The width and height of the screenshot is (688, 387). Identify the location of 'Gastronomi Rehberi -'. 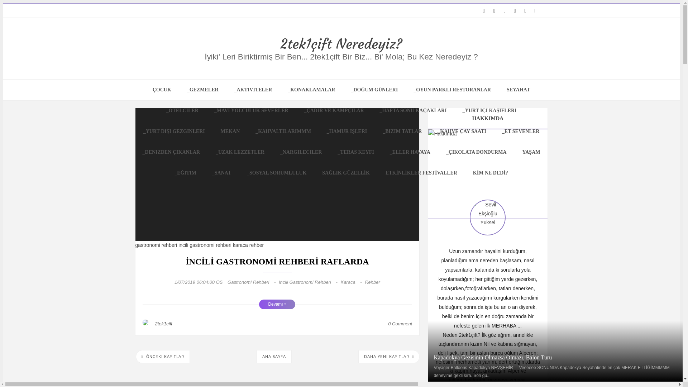
(253, 282).